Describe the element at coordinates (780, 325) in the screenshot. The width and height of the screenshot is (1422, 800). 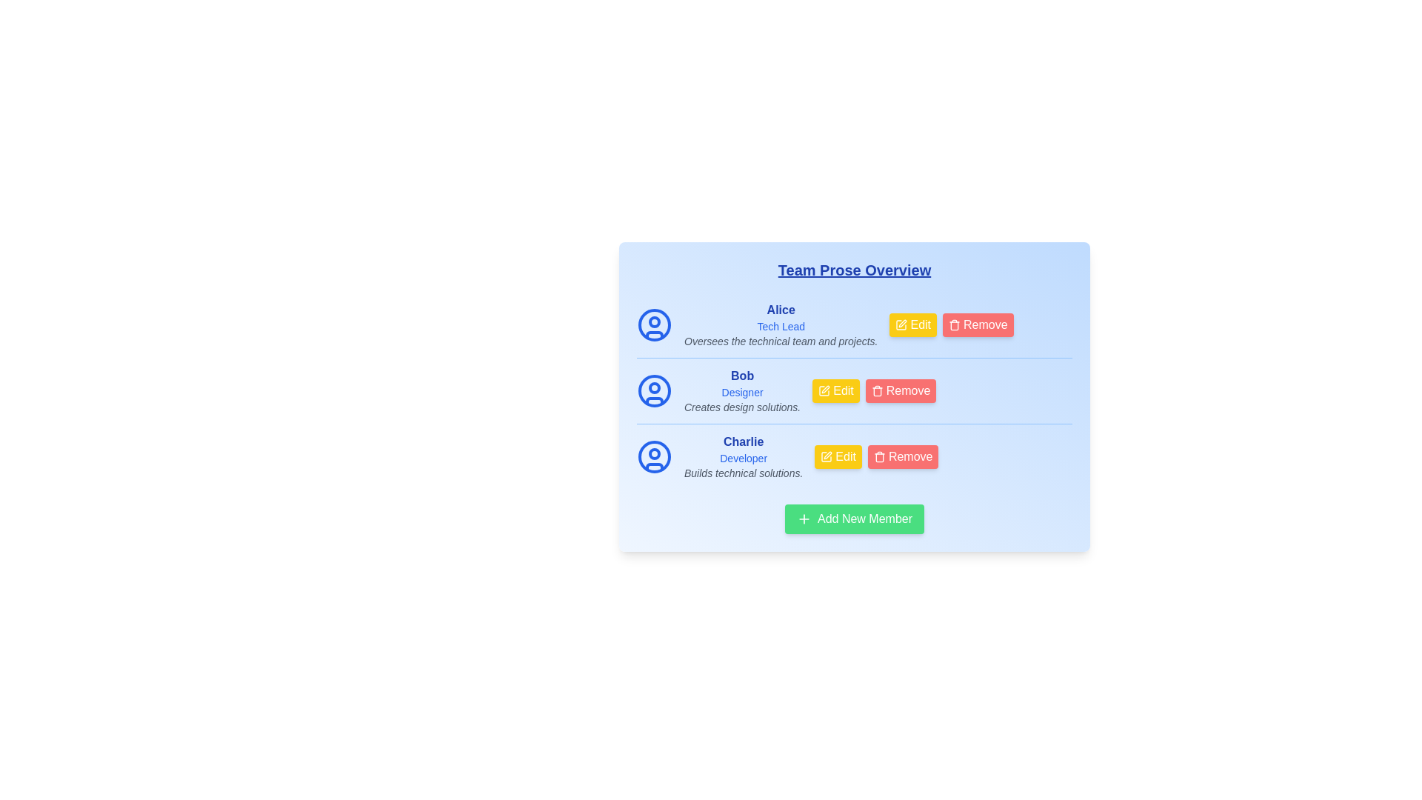
I see `the text label displaying 'Tech Lead' in a small-sized blue font, positioned below 'Alice' and above the job description in the team member listing` at that location.